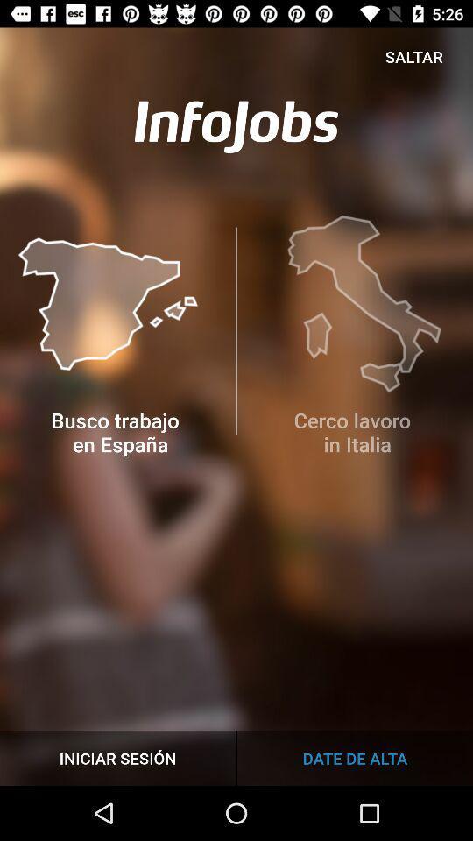 Image resolution: width=473 pixels, height=841 pixels. Describe the element at coordinates (355, 757) in the screenshot. I see `item below the busco trabajo en` at that location.